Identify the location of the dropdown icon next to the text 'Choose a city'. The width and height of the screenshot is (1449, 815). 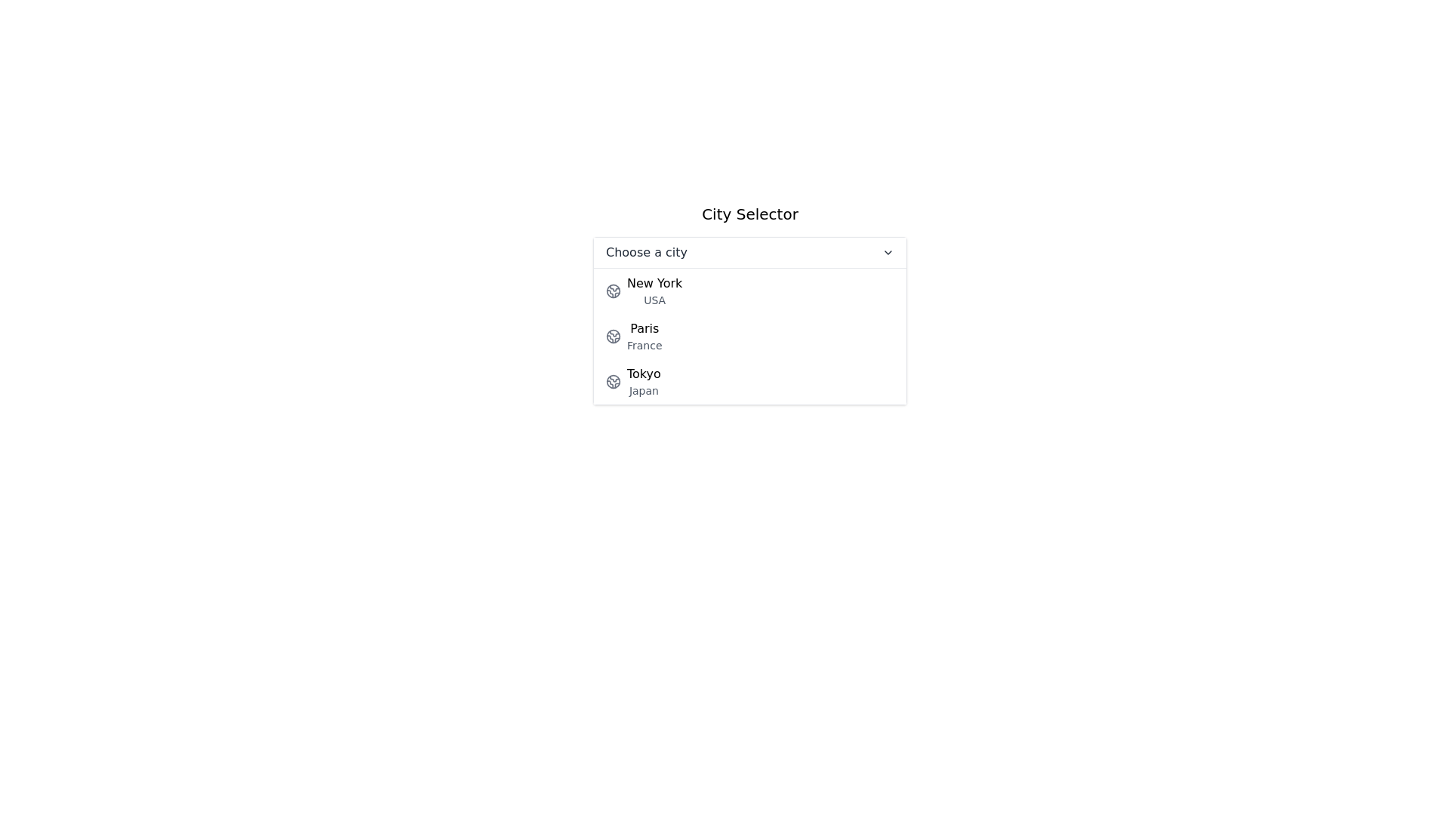
(888, 252).